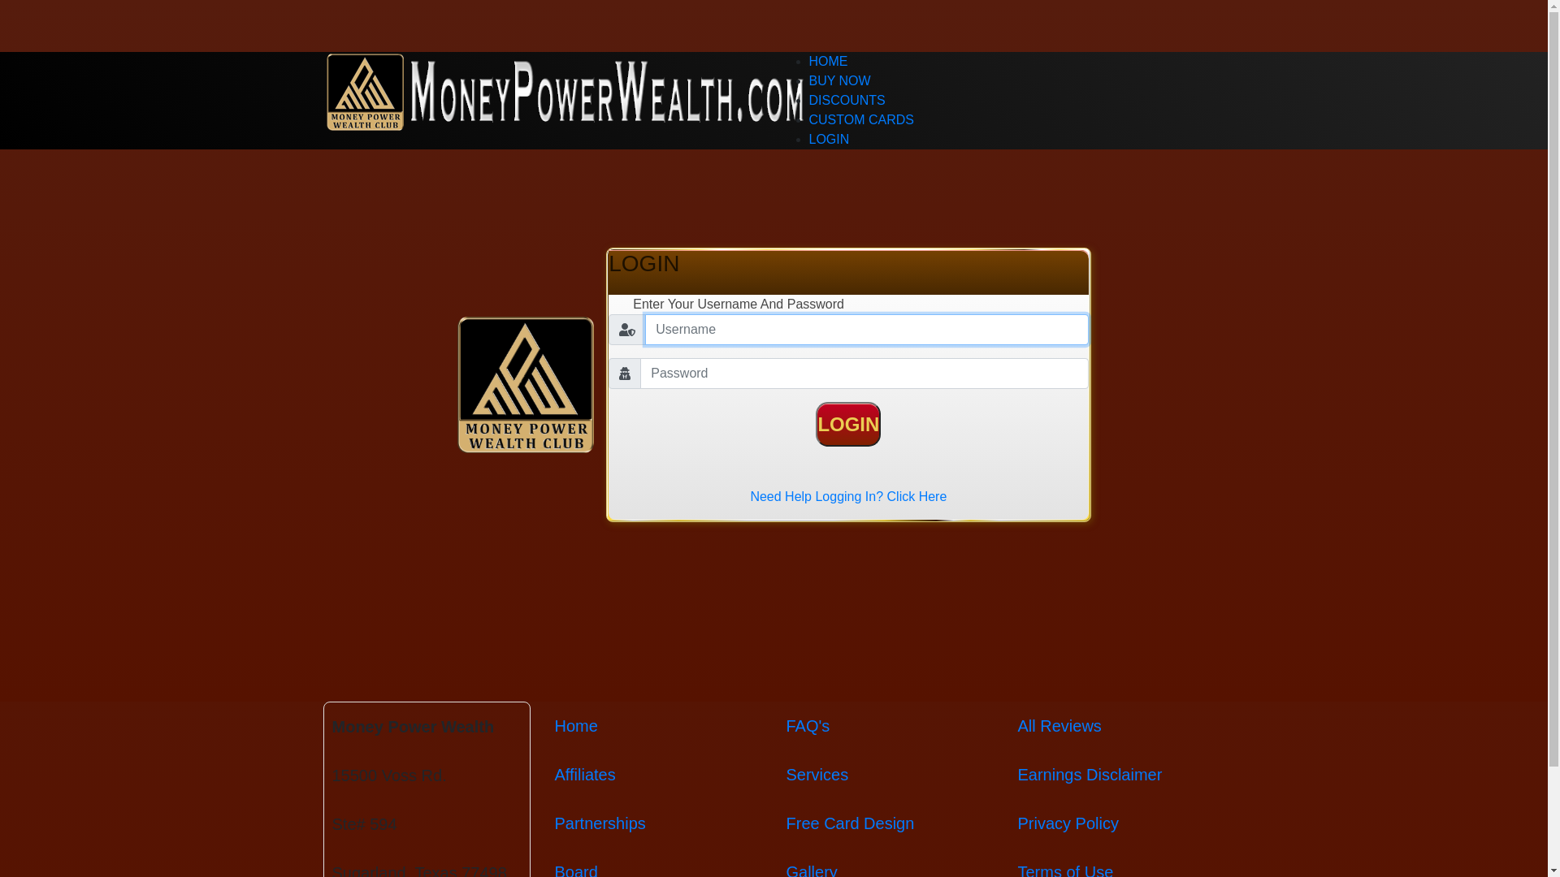 This screenshot has width=1560, height=877. I want to click on 'FAQ's', so click(808, 725).